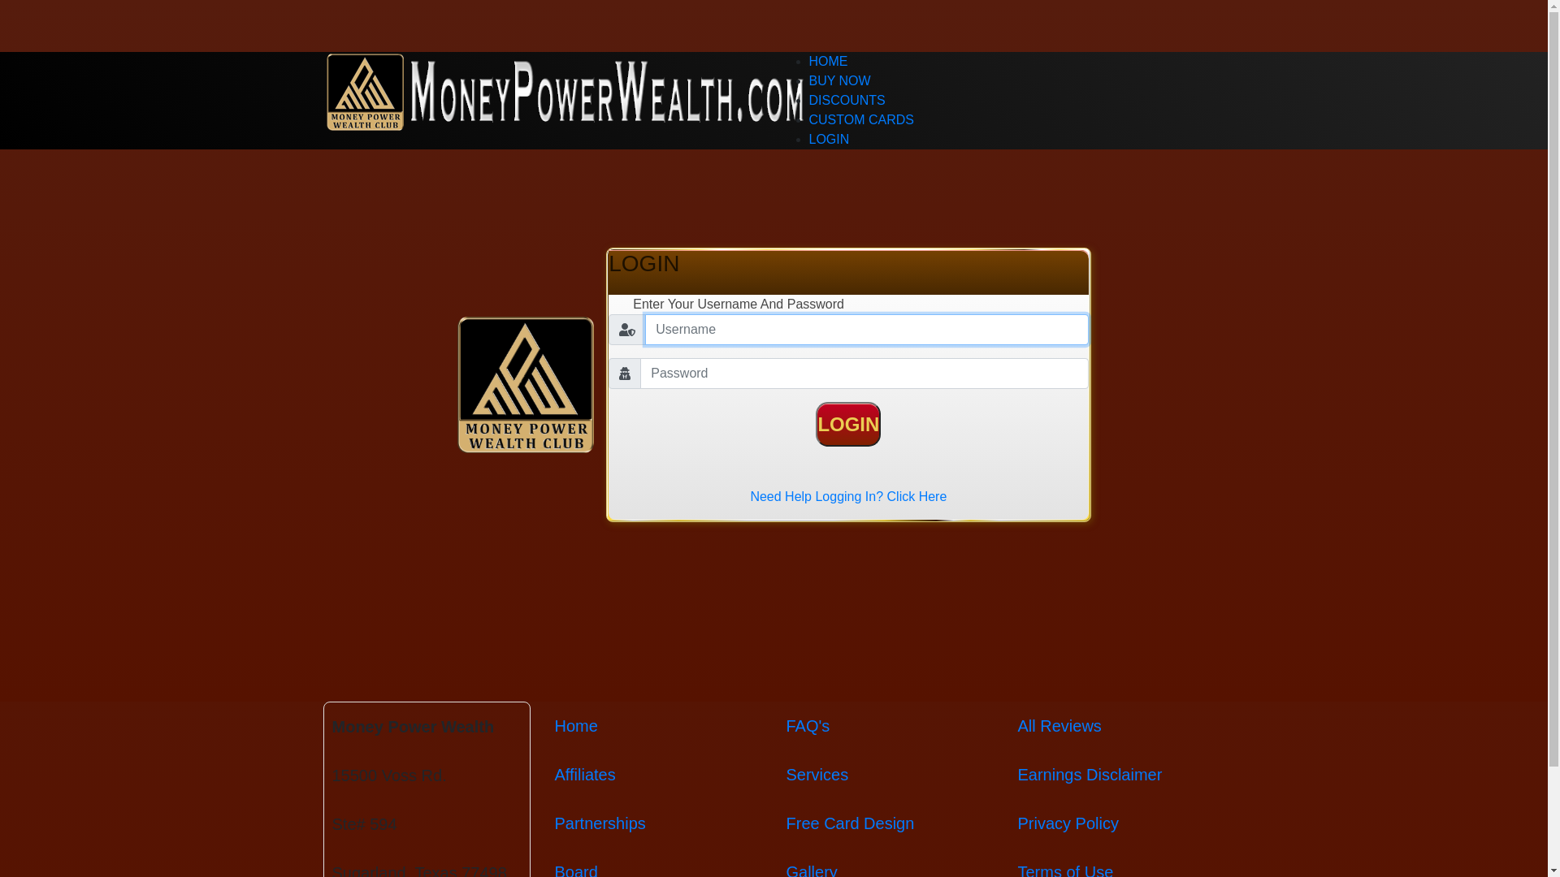 This screenshot has width=1560, height=877. I want to click on 'FAQ's', so click(808, 725).